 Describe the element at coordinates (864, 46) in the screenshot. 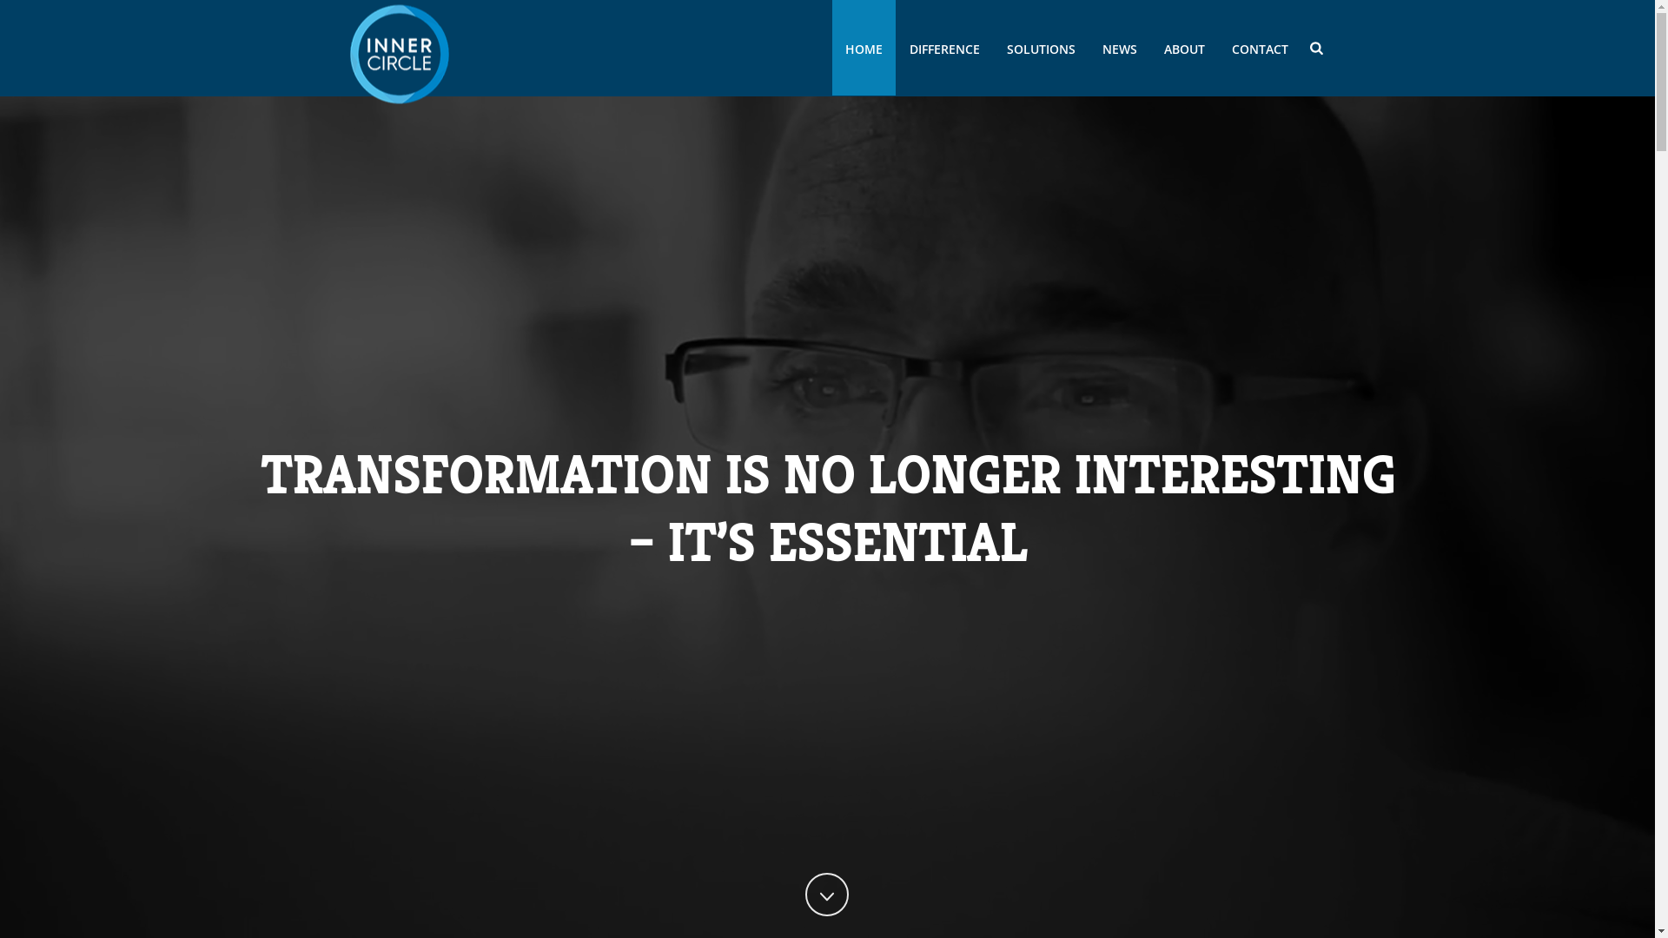

I see `'HOME'` at that location.